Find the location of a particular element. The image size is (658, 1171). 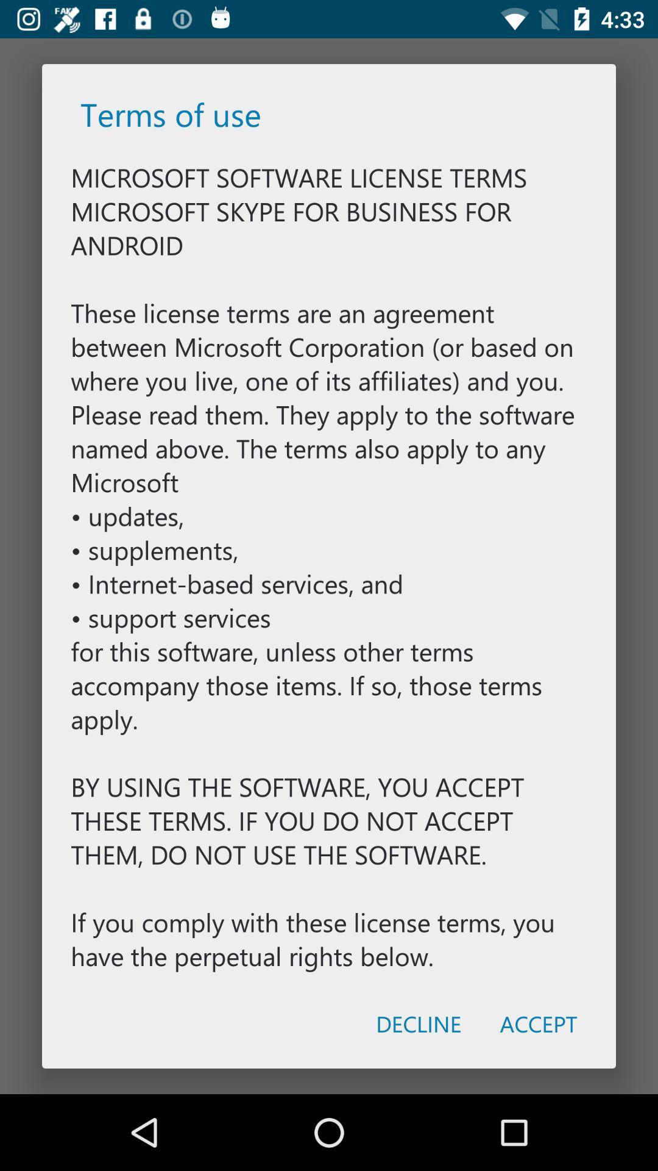

the decline item is located at coordinates (418, 1023).